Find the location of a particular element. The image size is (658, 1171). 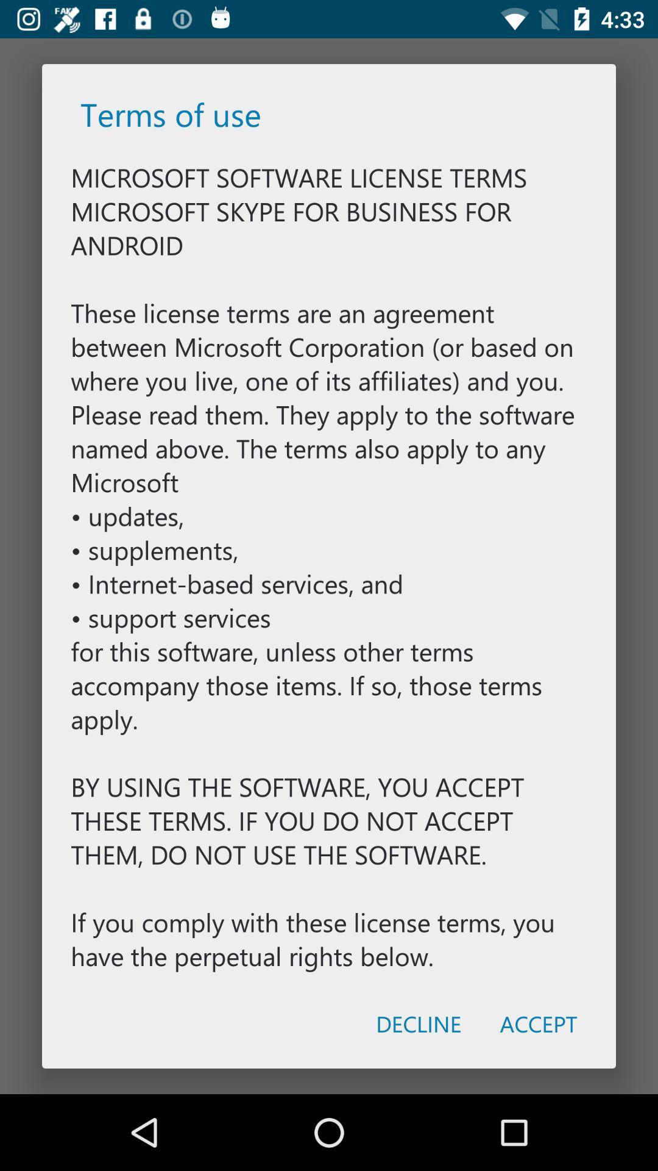

the decline item is located at coordinates (418, 1023).